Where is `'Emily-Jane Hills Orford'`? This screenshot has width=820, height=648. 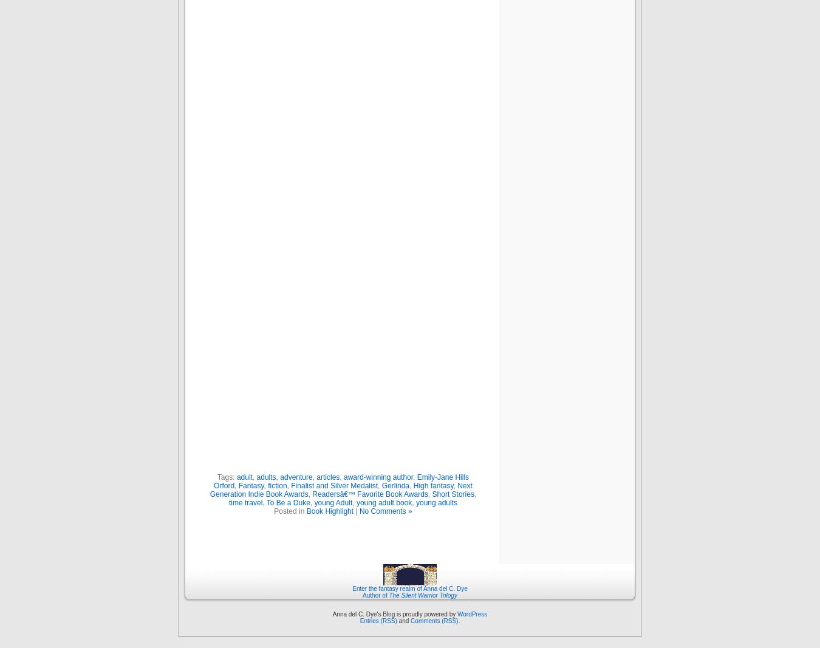
'Emily-Jane Hills Orford' is located at coordinates (341, 480).